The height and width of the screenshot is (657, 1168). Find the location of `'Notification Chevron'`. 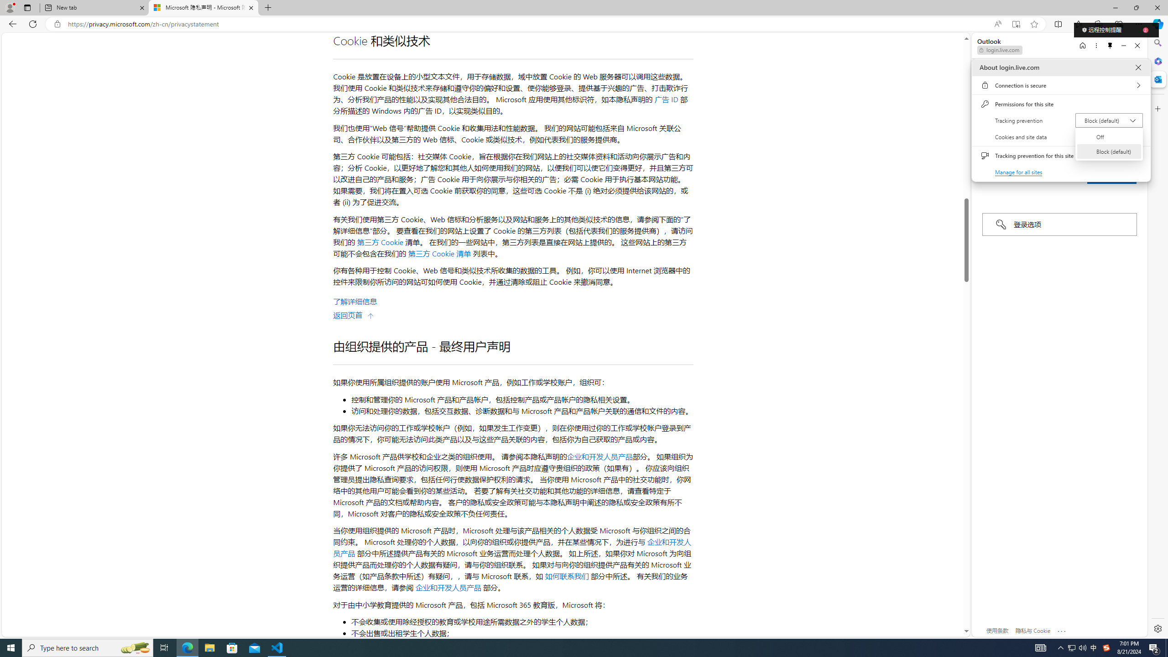

'Notification Chevron' is located at coordinates (1060, 647).